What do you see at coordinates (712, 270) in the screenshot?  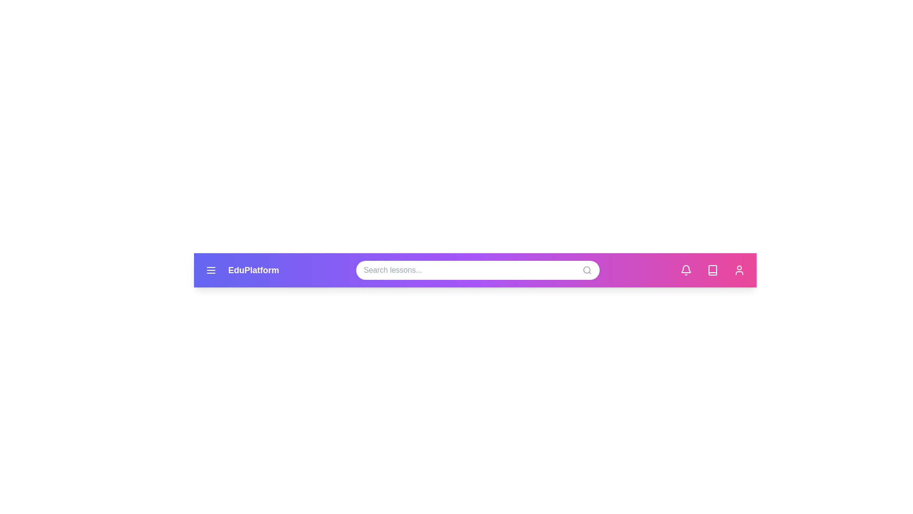 I see `the book icon to navigate to the library` at bounding box center [712, 270].